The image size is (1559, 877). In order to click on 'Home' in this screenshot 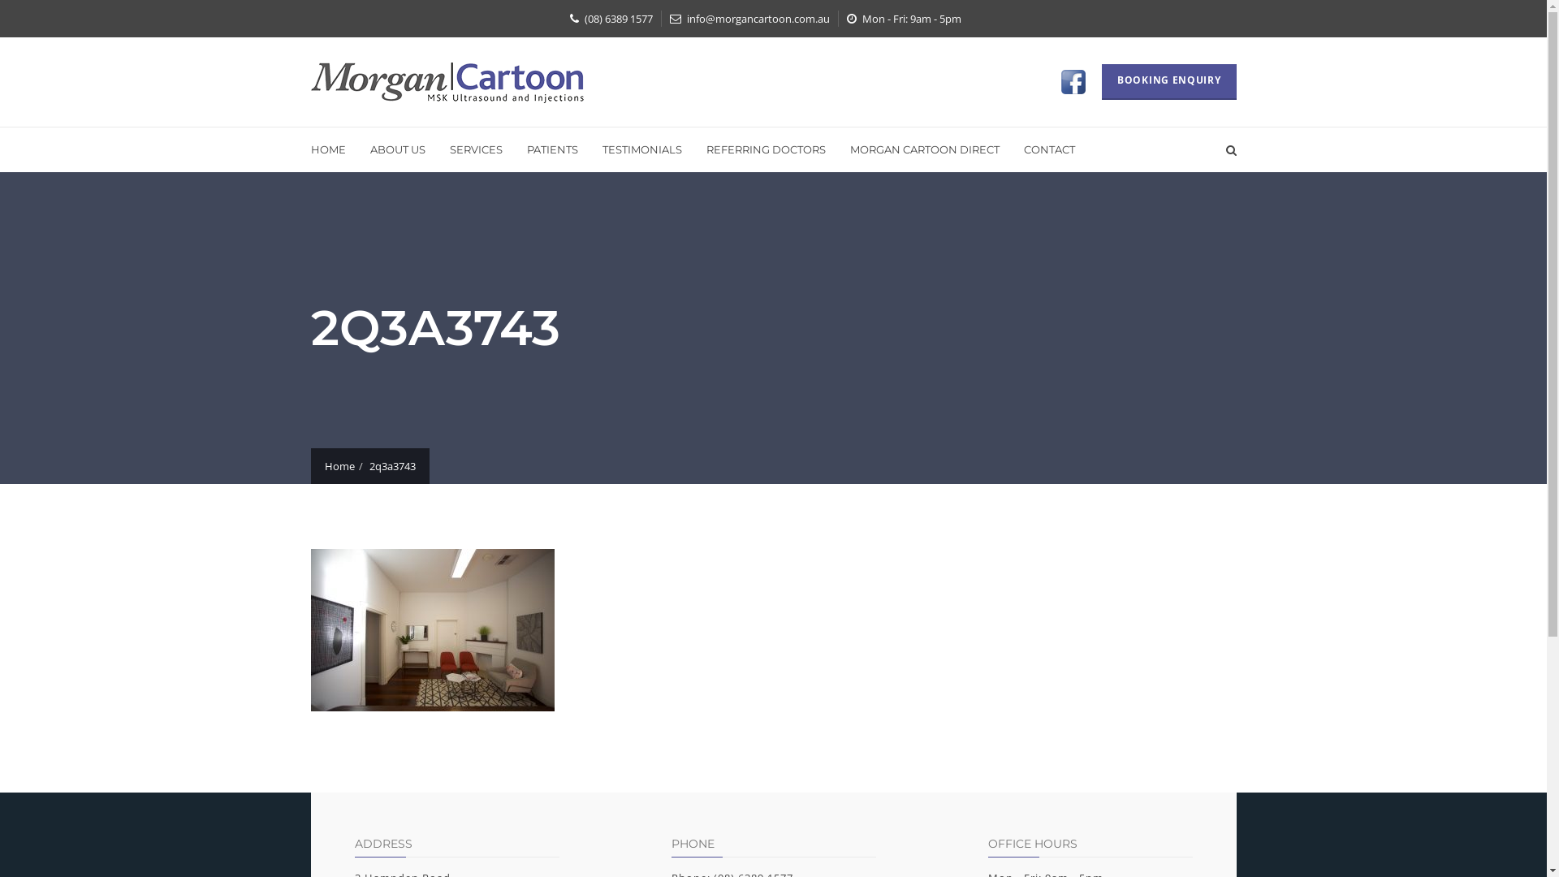, I will do `click(324, 466)`.